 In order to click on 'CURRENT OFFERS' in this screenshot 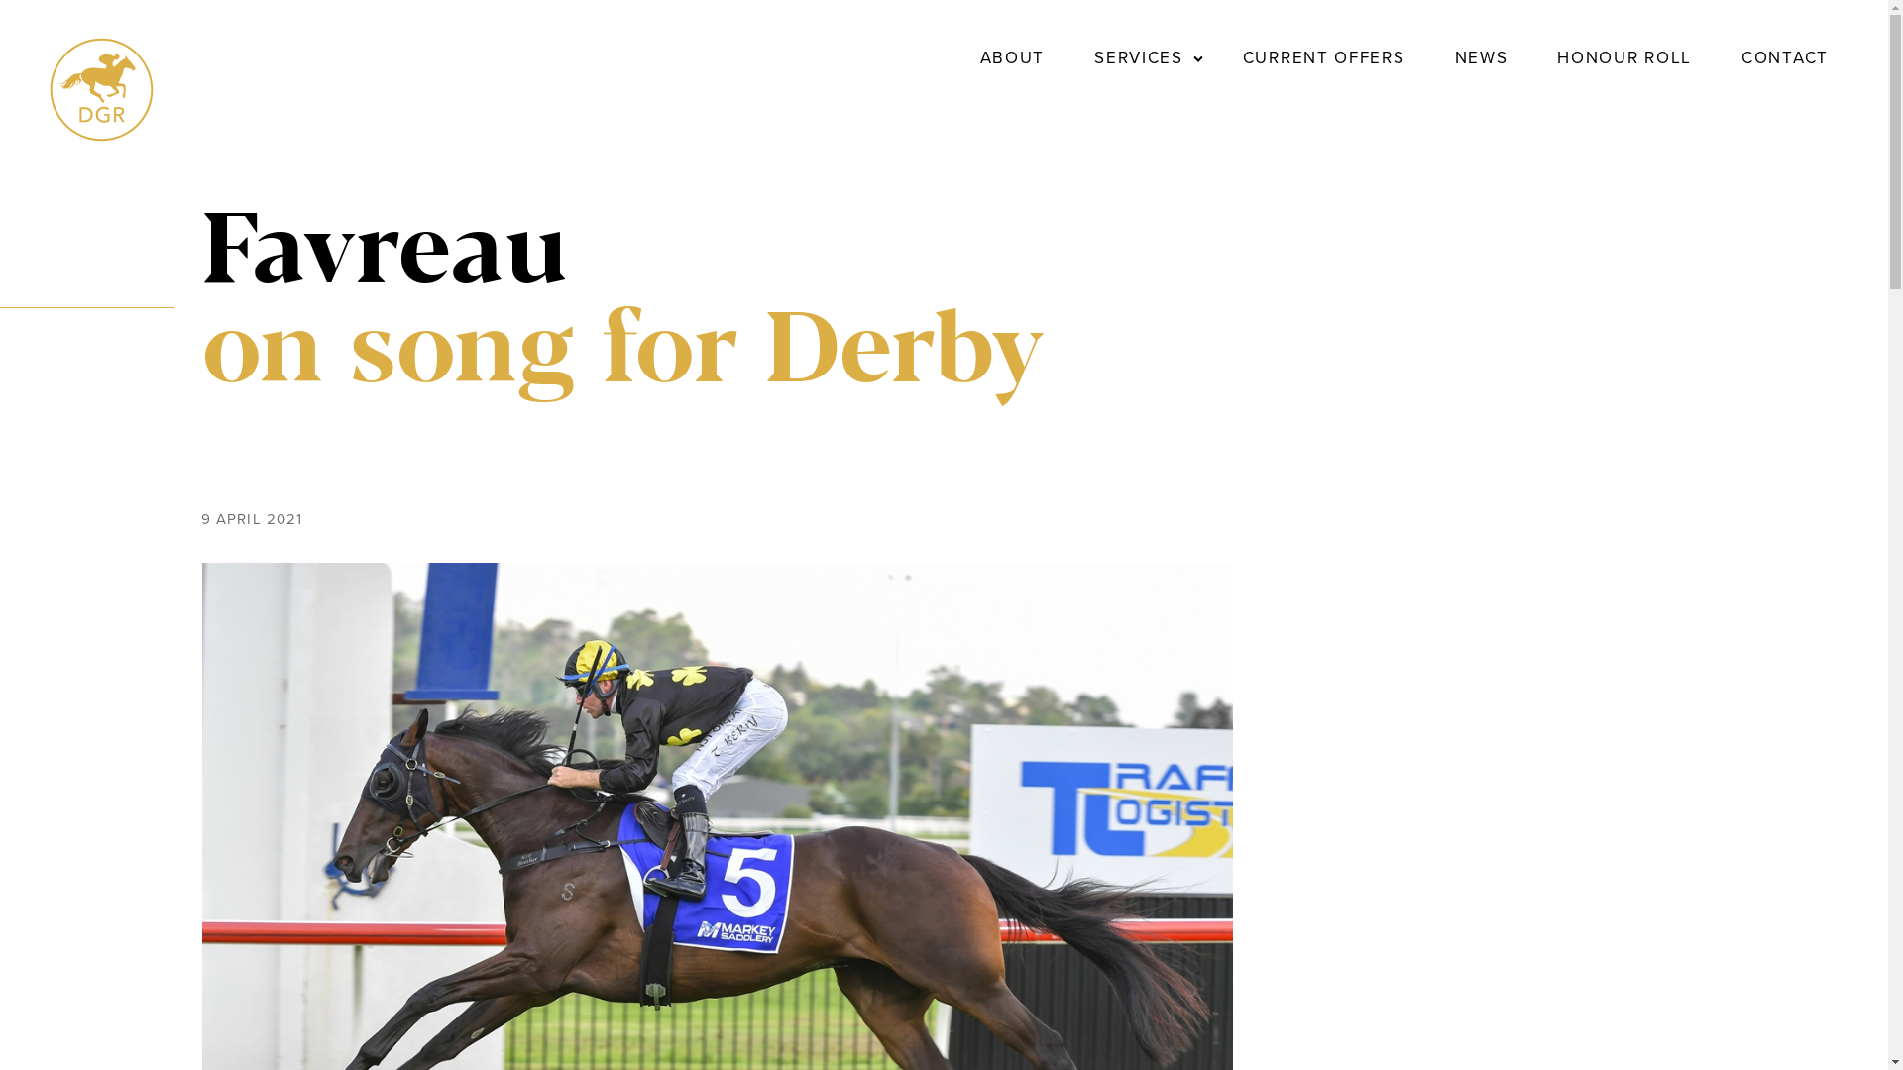, I will do `click(1323, 56)`.